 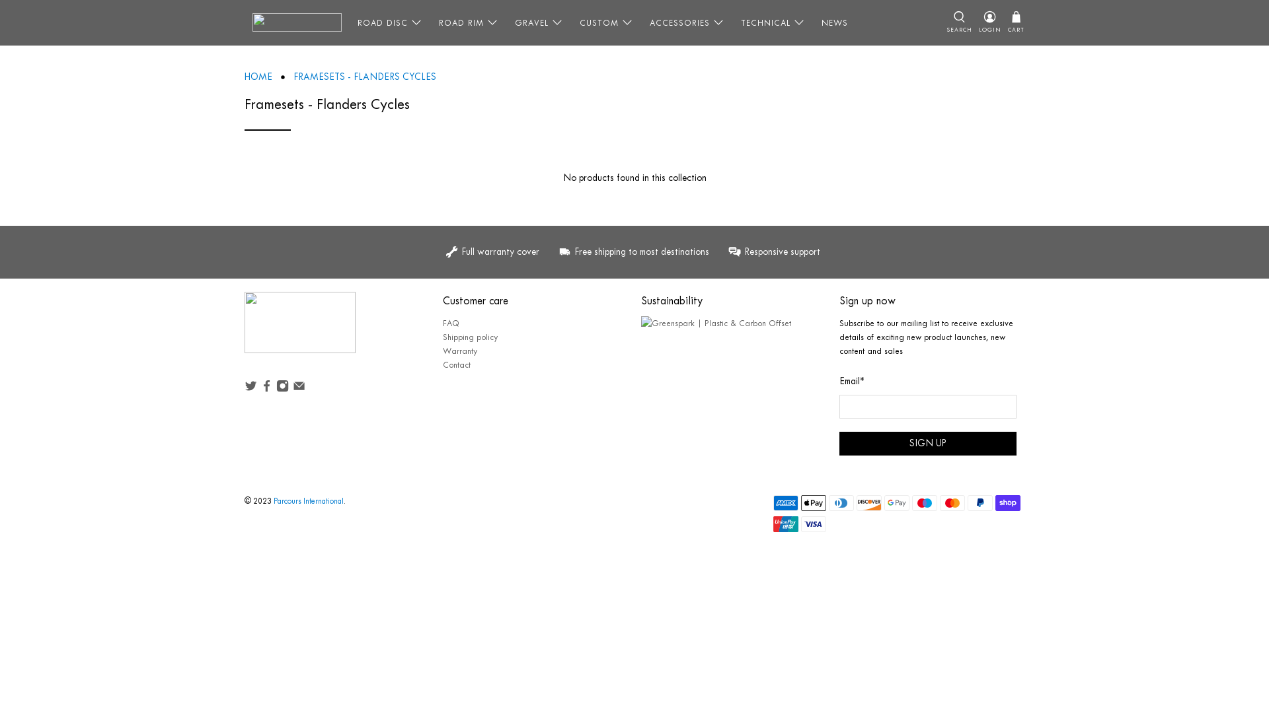 I want to click on 'SEARCH', so click(x=959, y=22).